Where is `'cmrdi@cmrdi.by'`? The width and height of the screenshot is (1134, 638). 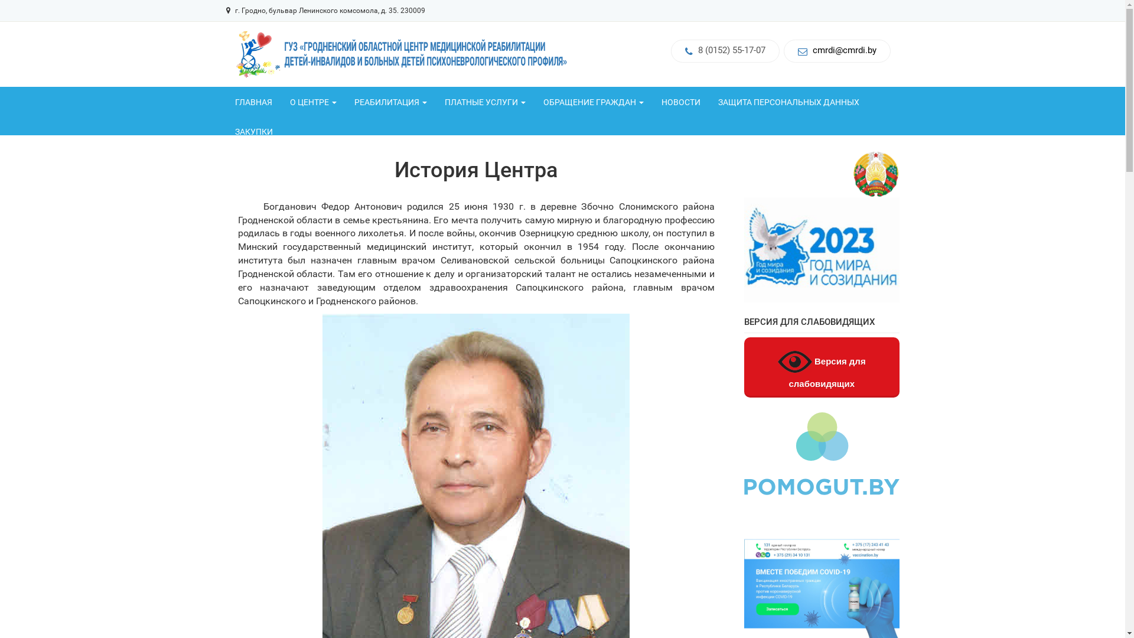 'cmrdi@cmrdi.by' is located at coordinates (844, 50).